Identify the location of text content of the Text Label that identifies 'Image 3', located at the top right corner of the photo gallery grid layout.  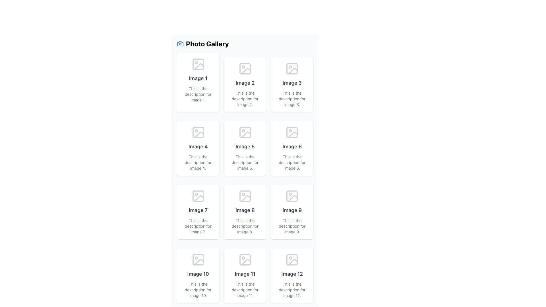
(292, 83).